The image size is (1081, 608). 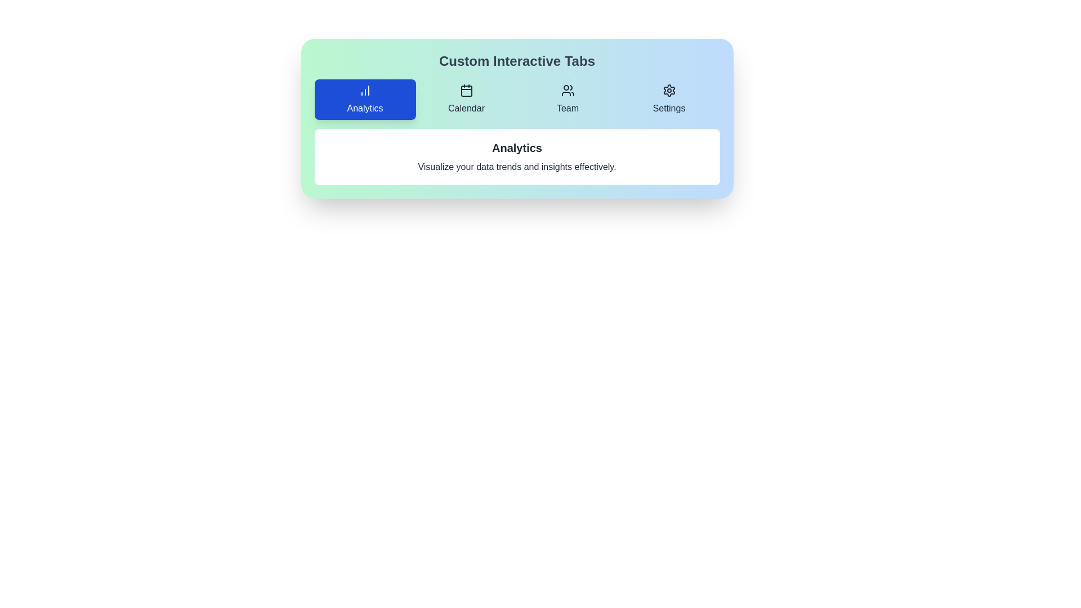 I want to click on the text element displaying 'Visualize your data trends and insights effectively' which is located under the title 'Analytics', so click(x=516, y=167).